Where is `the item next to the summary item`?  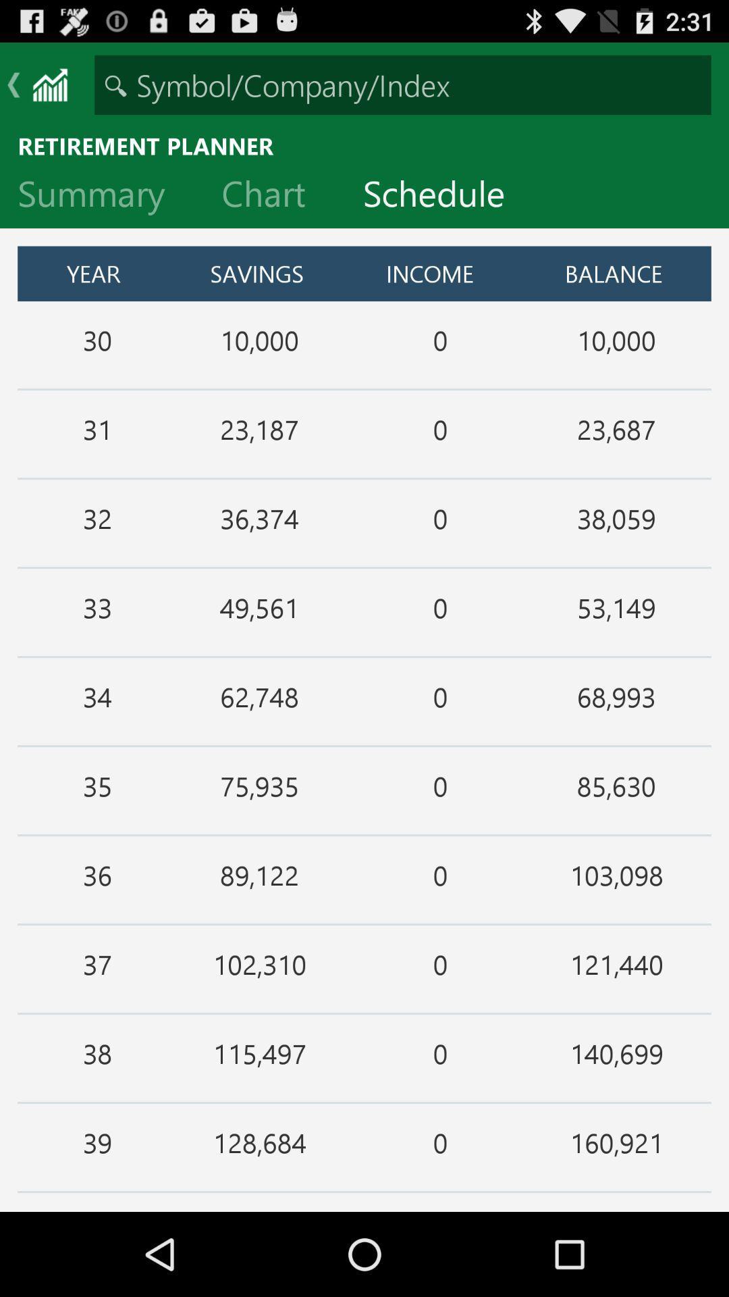
the item next to the summary item is located at coordinates (273, 196).